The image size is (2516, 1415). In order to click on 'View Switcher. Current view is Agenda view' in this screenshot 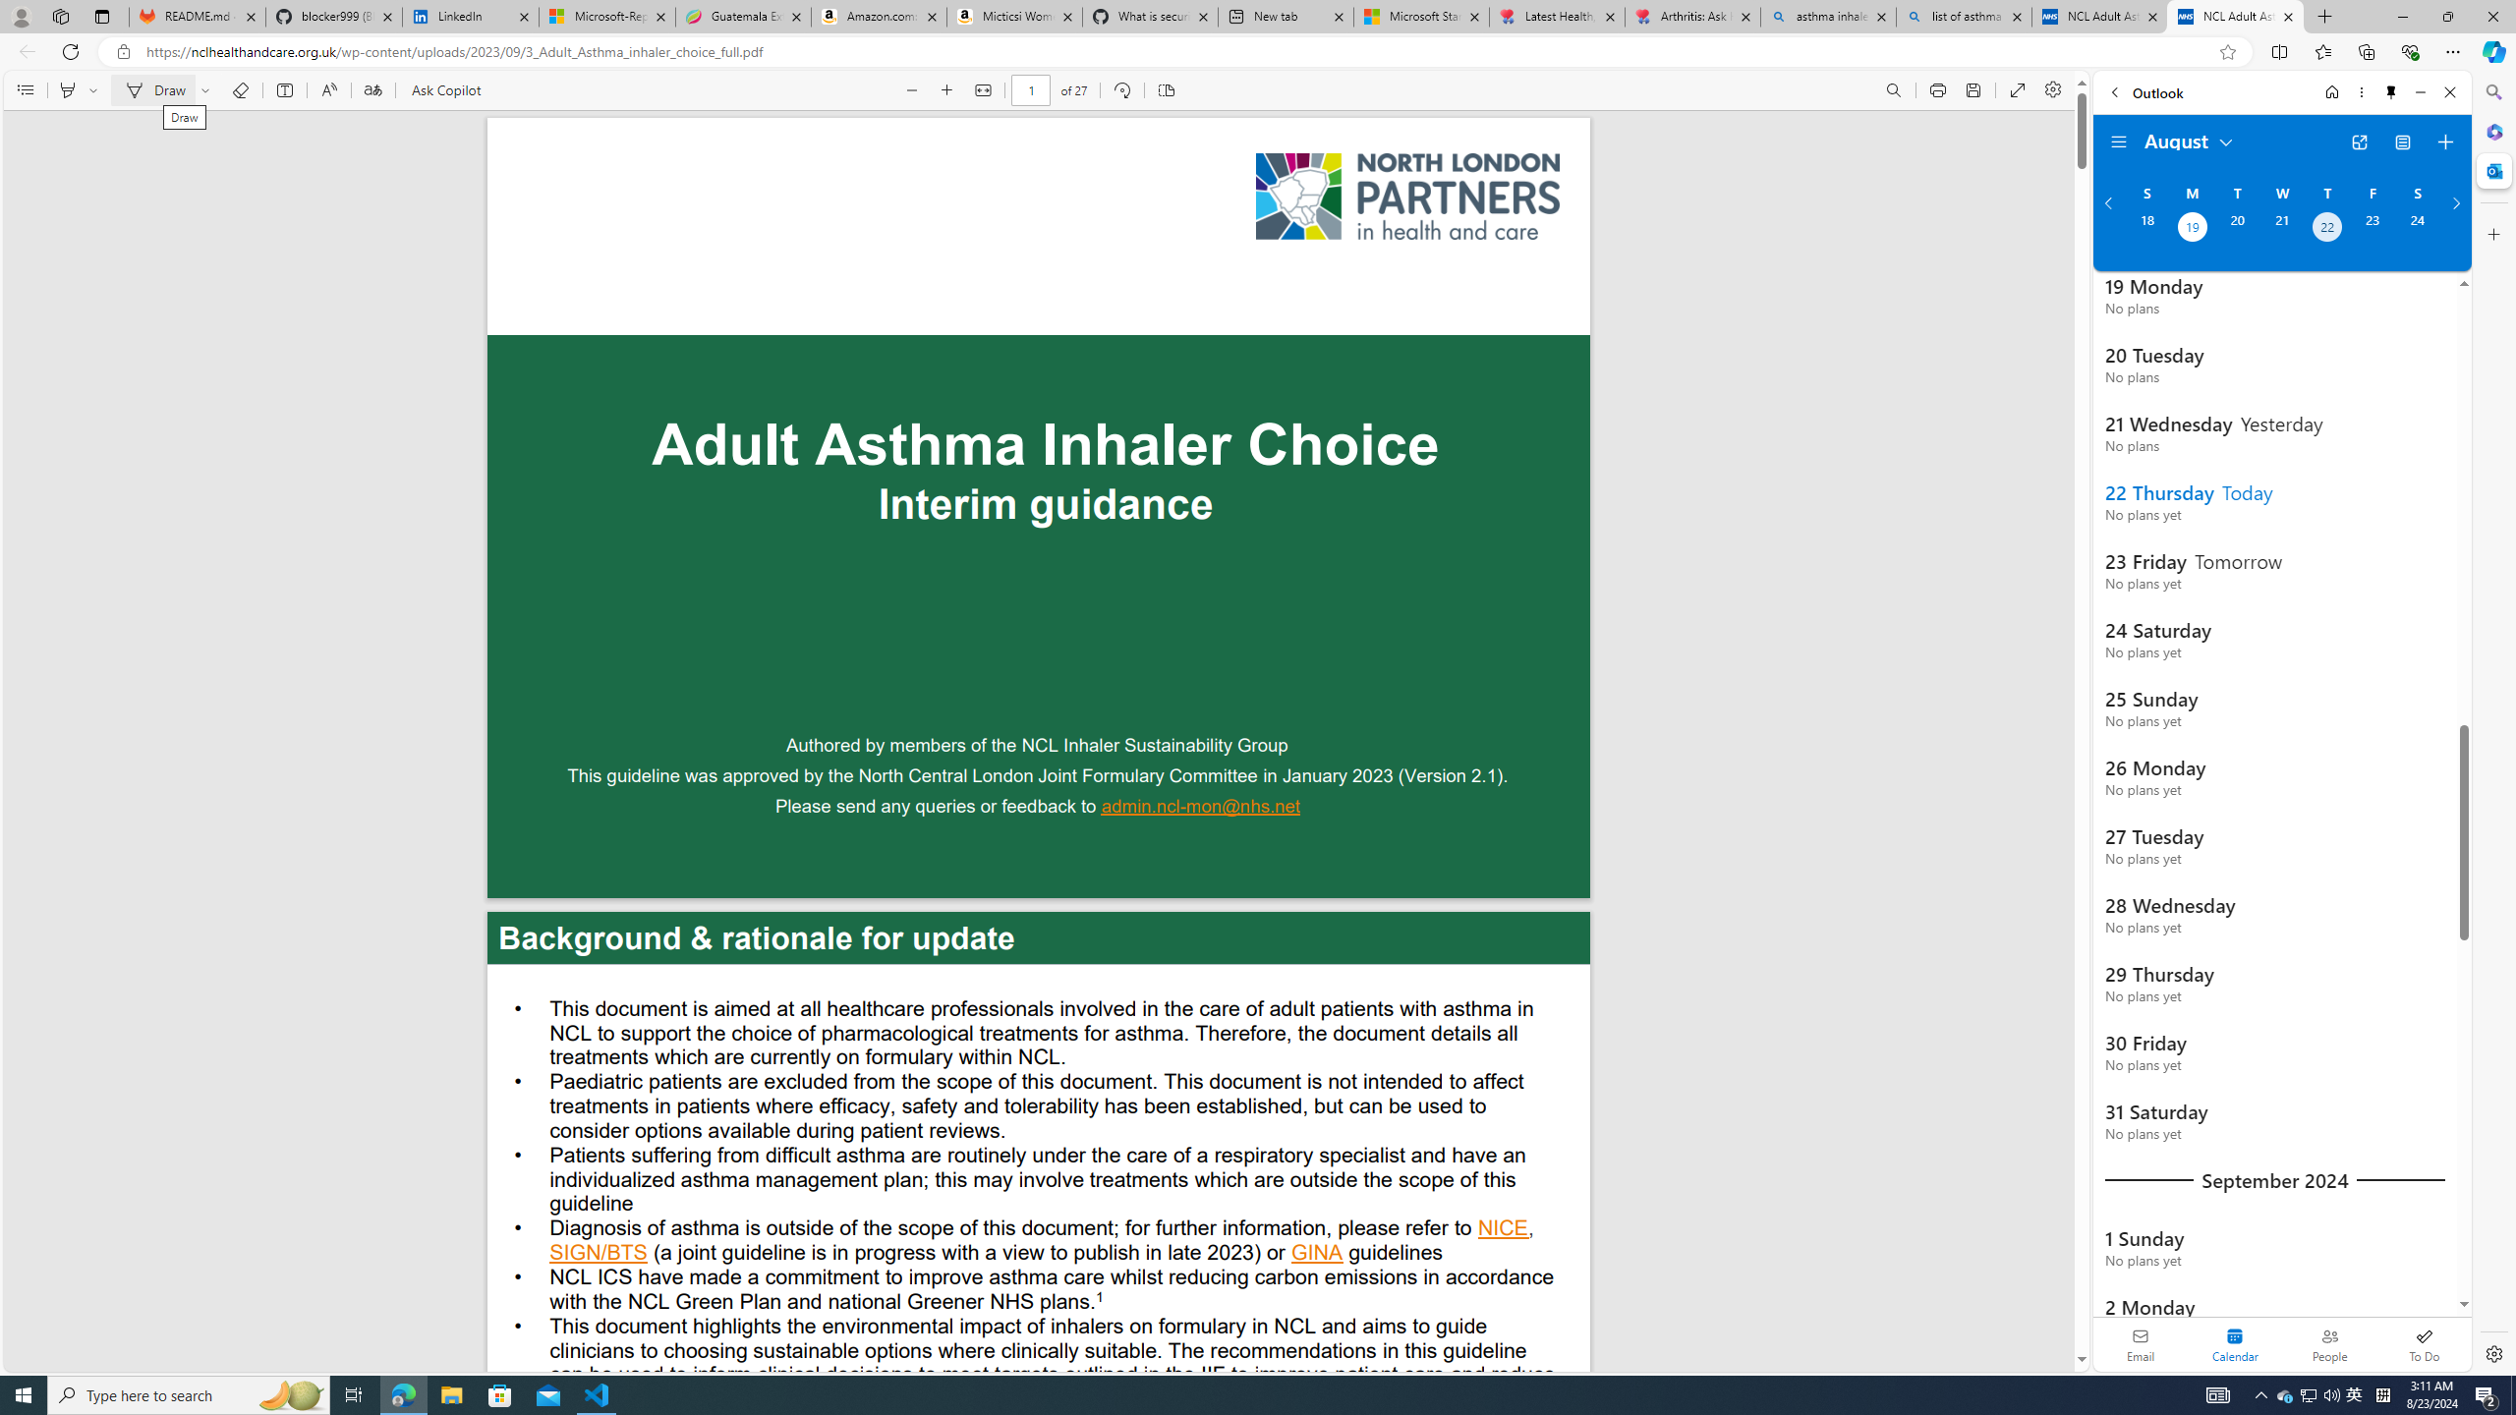, I will do `click(2401, 142)`.